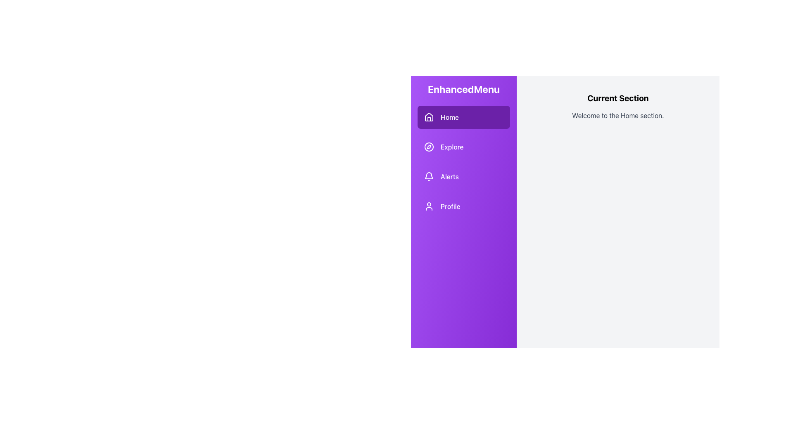 This screenshot has height=446, width=793. I want to click on the 'Home' text label in the sidebar menu for interaction feedback, so click(449, 117).